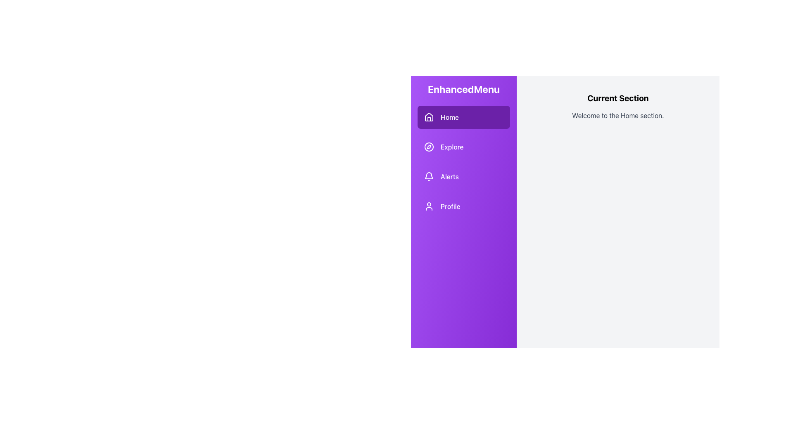 This screenshot has height=446, width=793. I want to click on the 'Home' text label in the sidebar menu for interaction feedback, so click(449, 117).